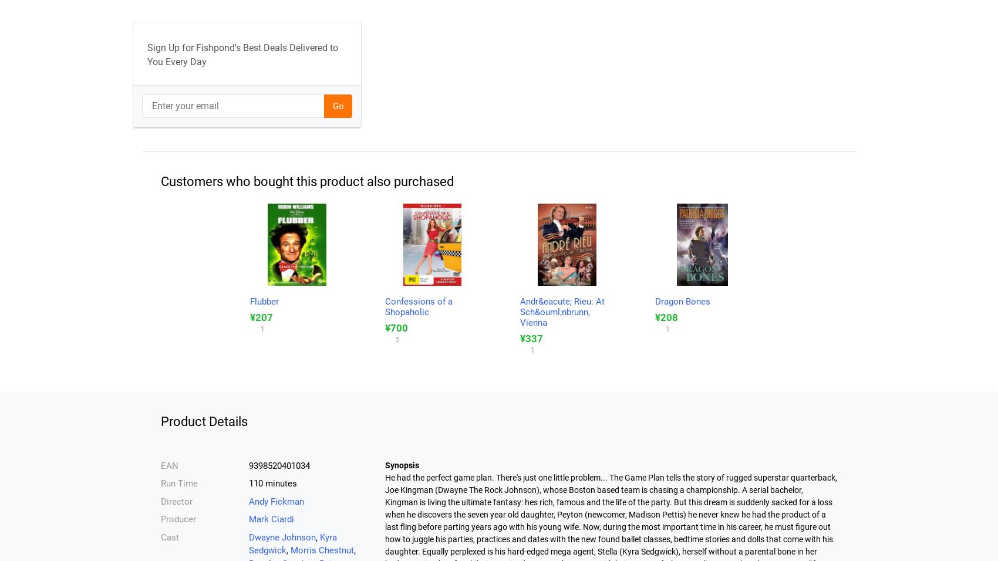 This screenshot has width=998, height=561. I want to click on 'Director', so click(177, 501).